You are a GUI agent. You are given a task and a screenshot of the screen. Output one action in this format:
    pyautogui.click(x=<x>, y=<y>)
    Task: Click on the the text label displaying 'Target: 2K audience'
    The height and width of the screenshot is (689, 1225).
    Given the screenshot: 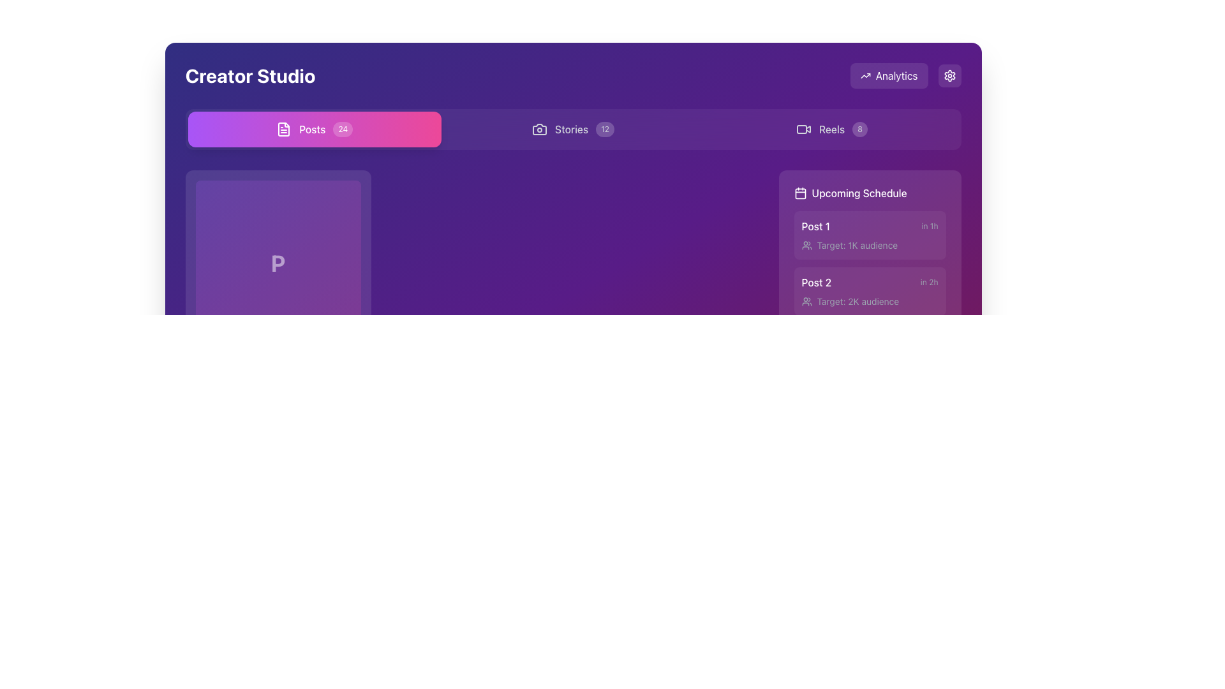 What is the action you would take?
    pyautogui.click(x=857, y=302)
    